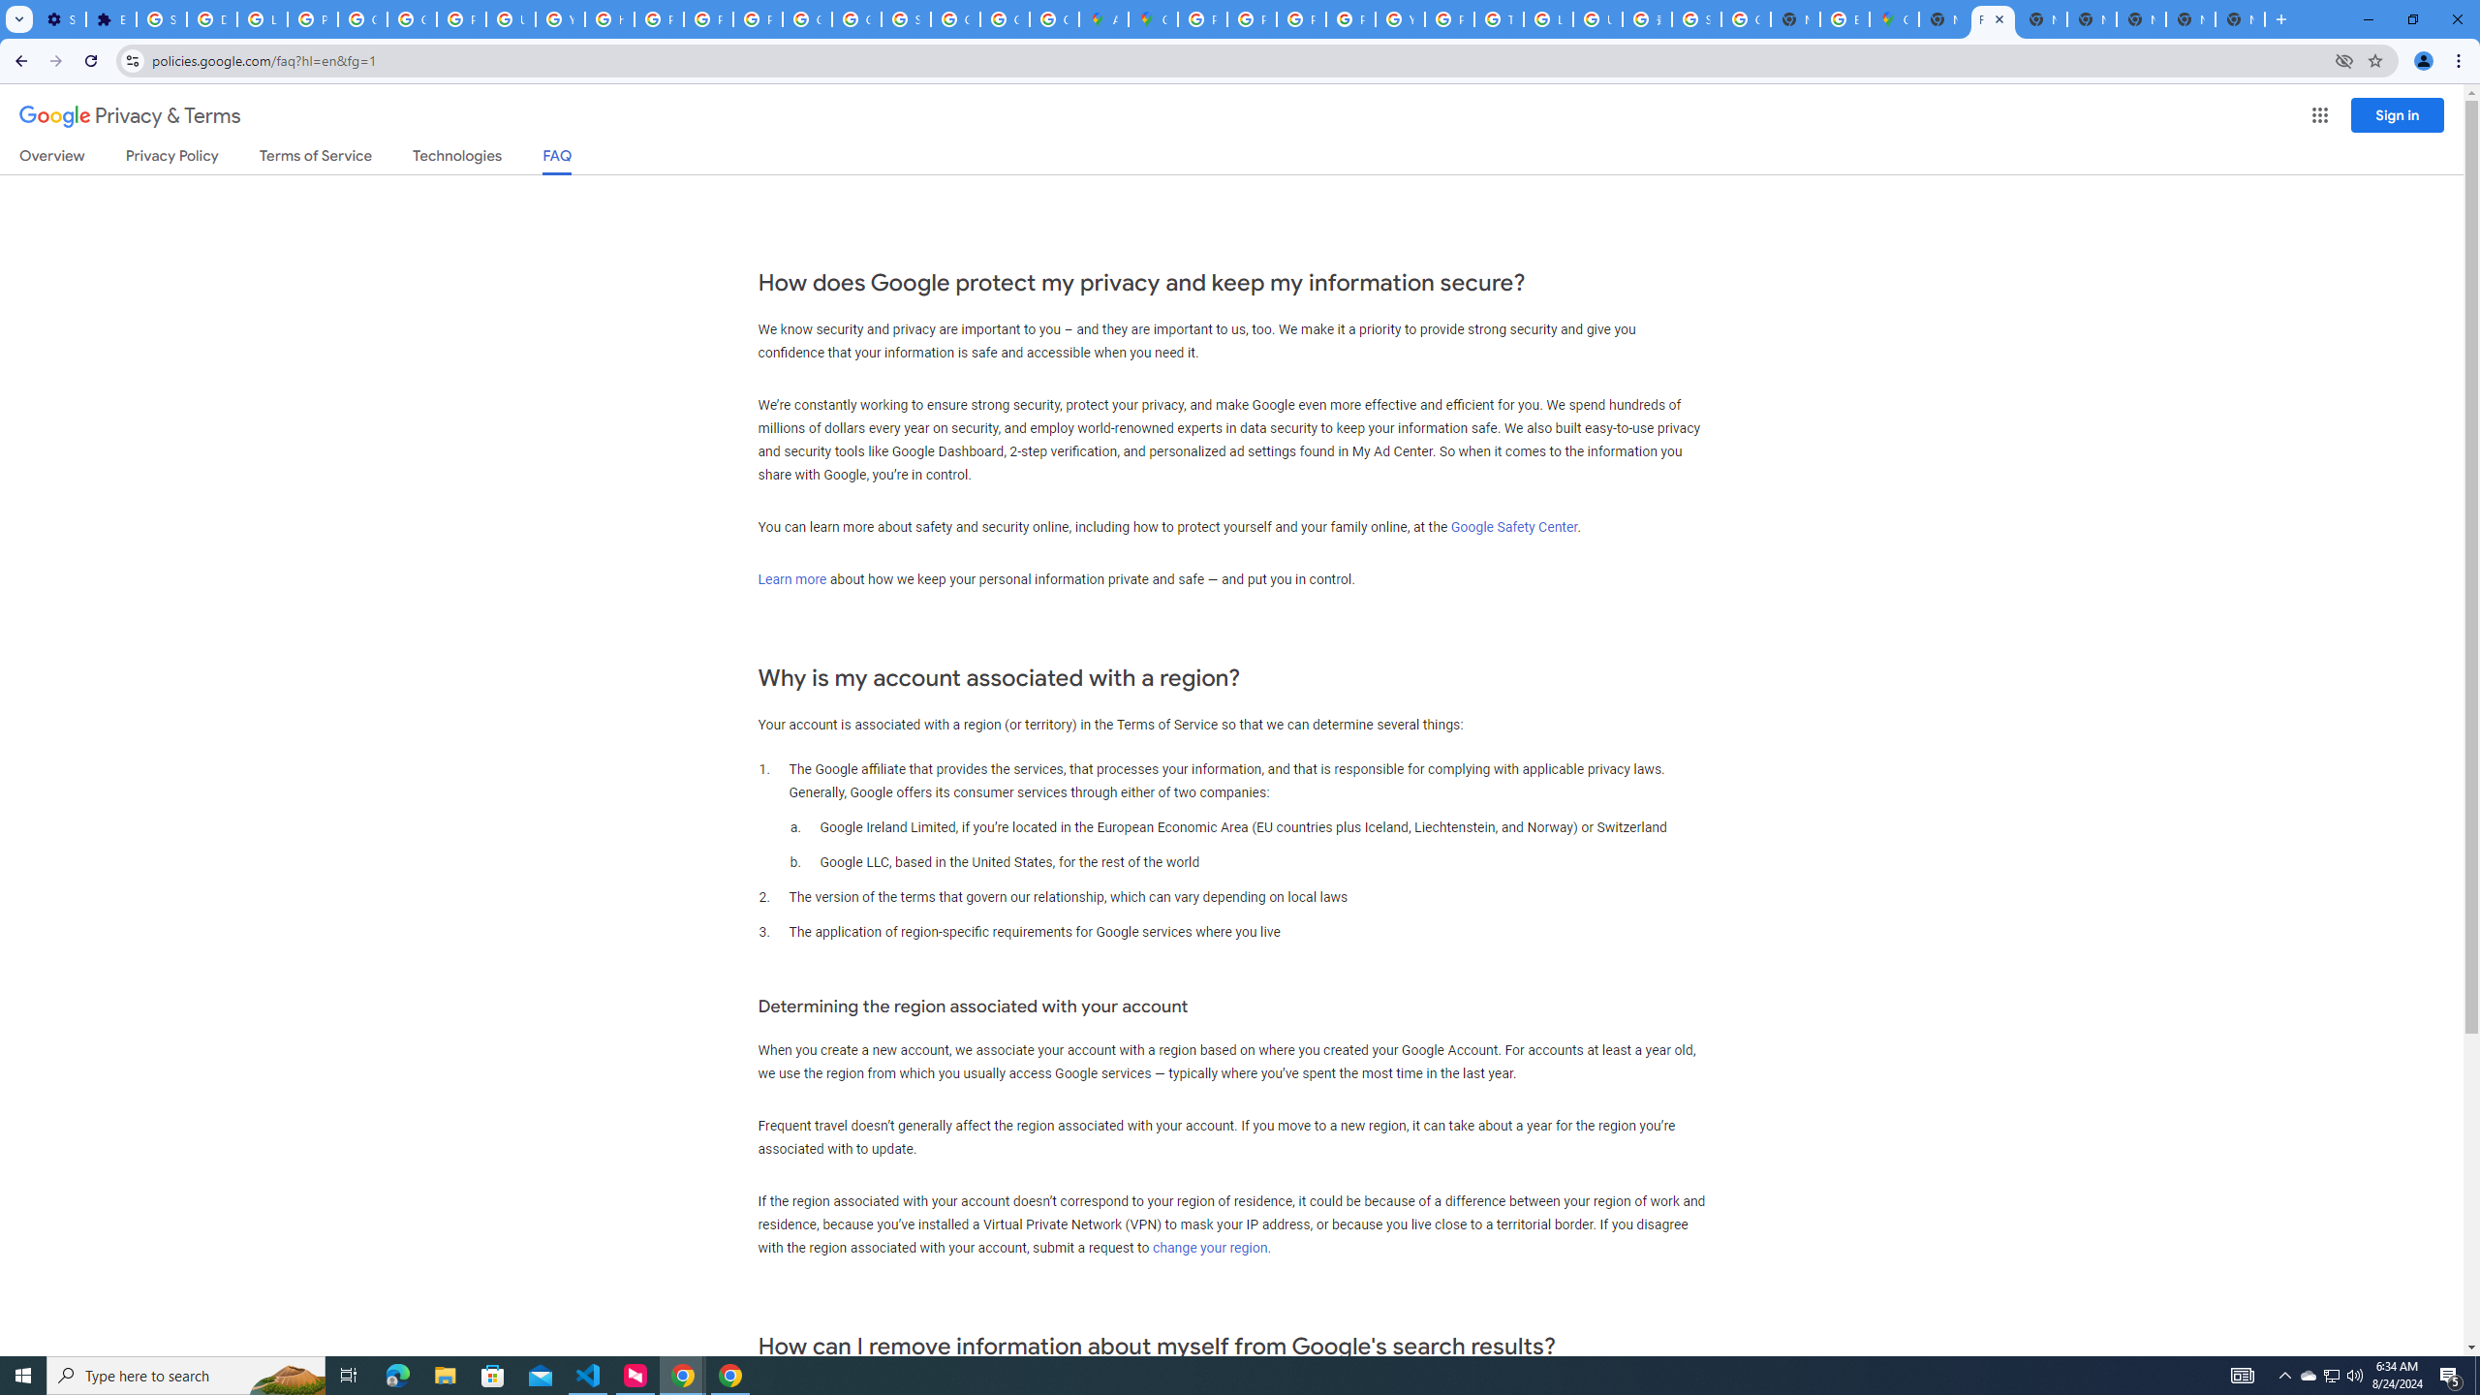 The image size is (2480, 1395). I want to click on 'Google Maps', so click(1153, 18).